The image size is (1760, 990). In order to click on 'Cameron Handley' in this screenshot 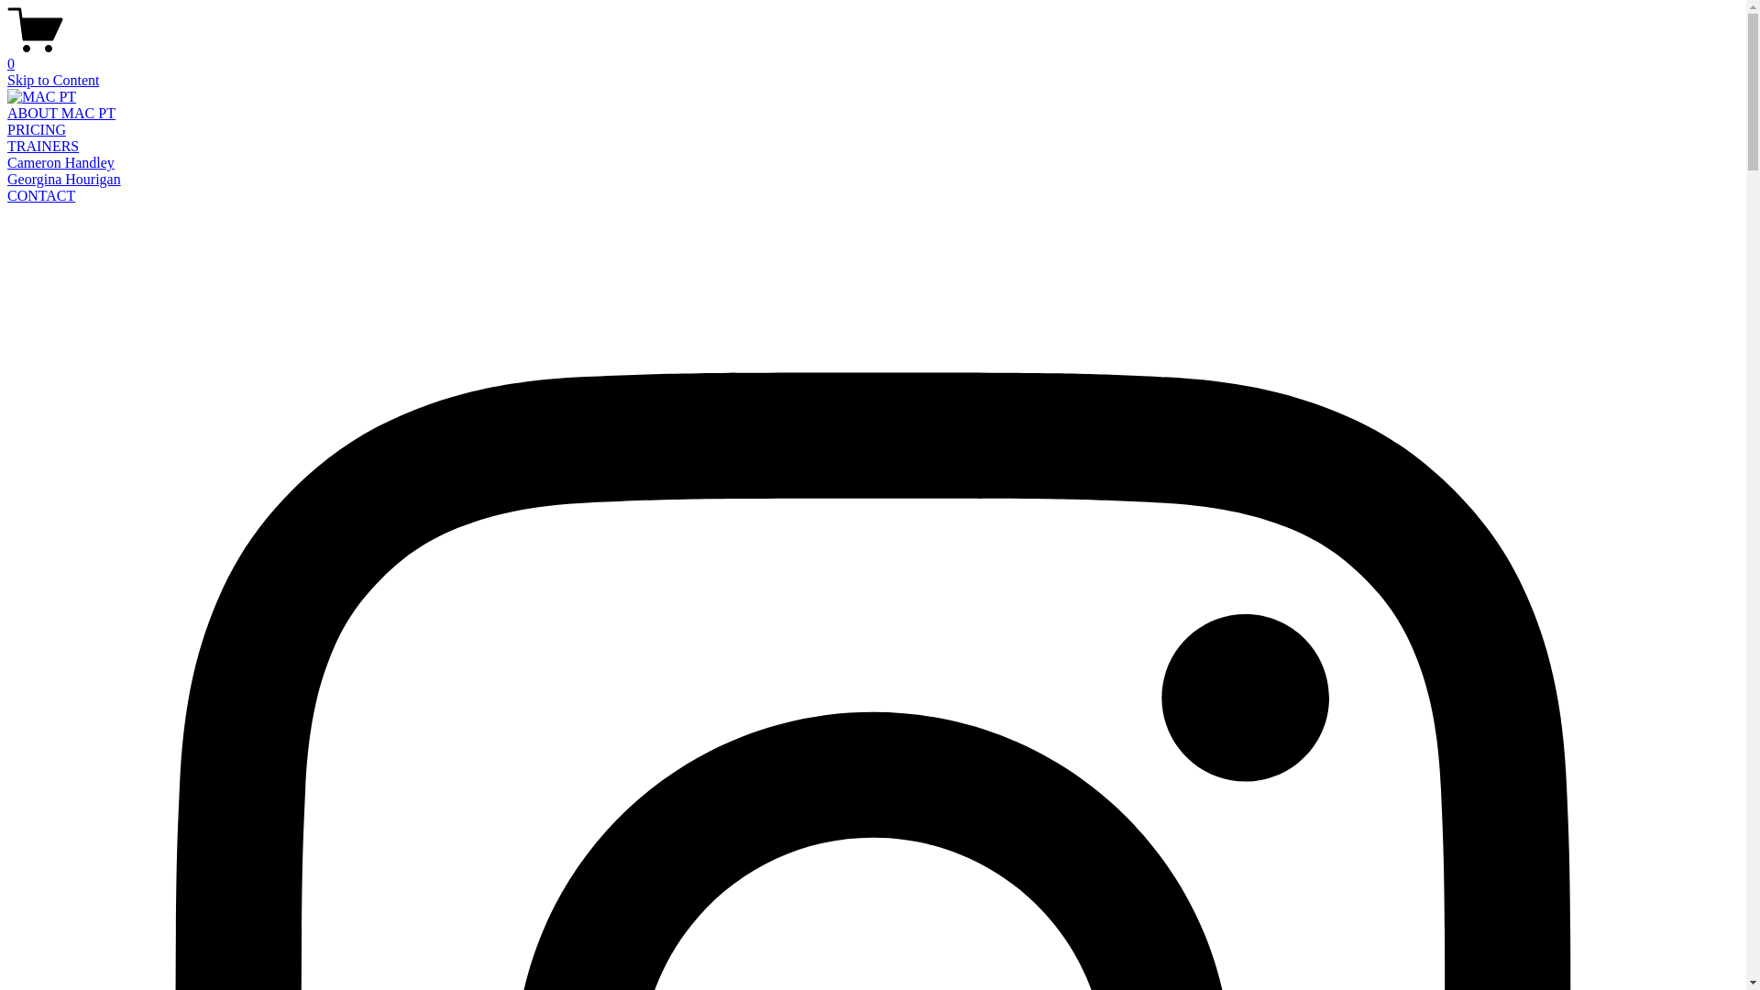, I will do `click(60, 161)`.